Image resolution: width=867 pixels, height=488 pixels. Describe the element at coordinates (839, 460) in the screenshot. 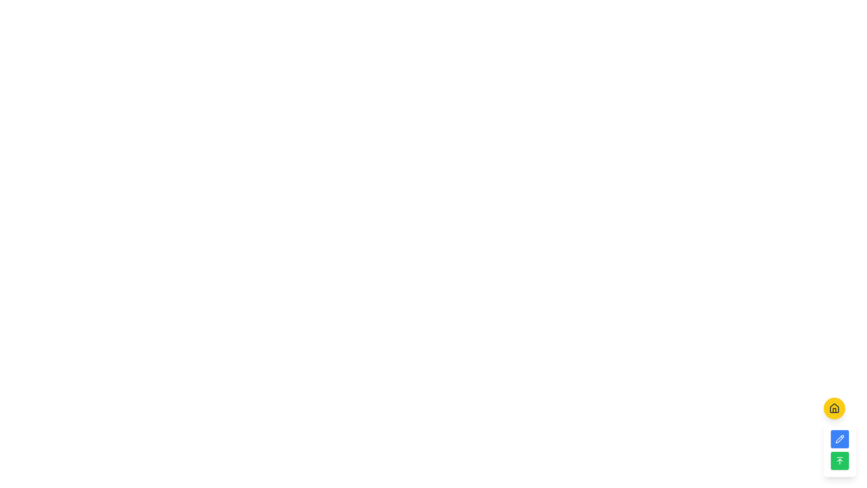

I see `the green circular button with a white upward arrow to initiate the upload action` at that location.